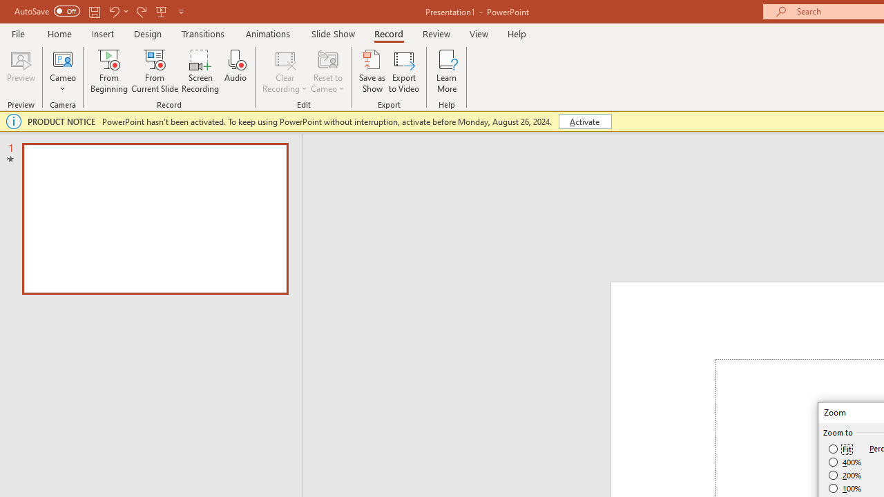  Describe the element at coordinates (845, 462) in the screenshot. I see `'400%'` at that location.